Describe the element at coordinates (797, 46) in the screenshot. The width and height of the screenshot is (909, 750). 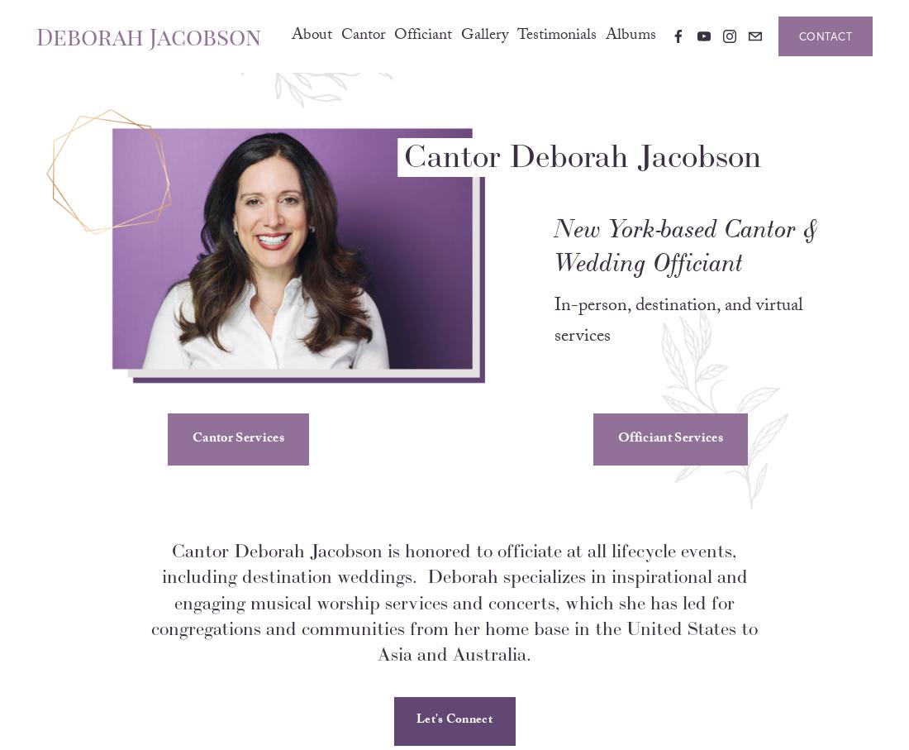
I see `'Contact'` at that location.